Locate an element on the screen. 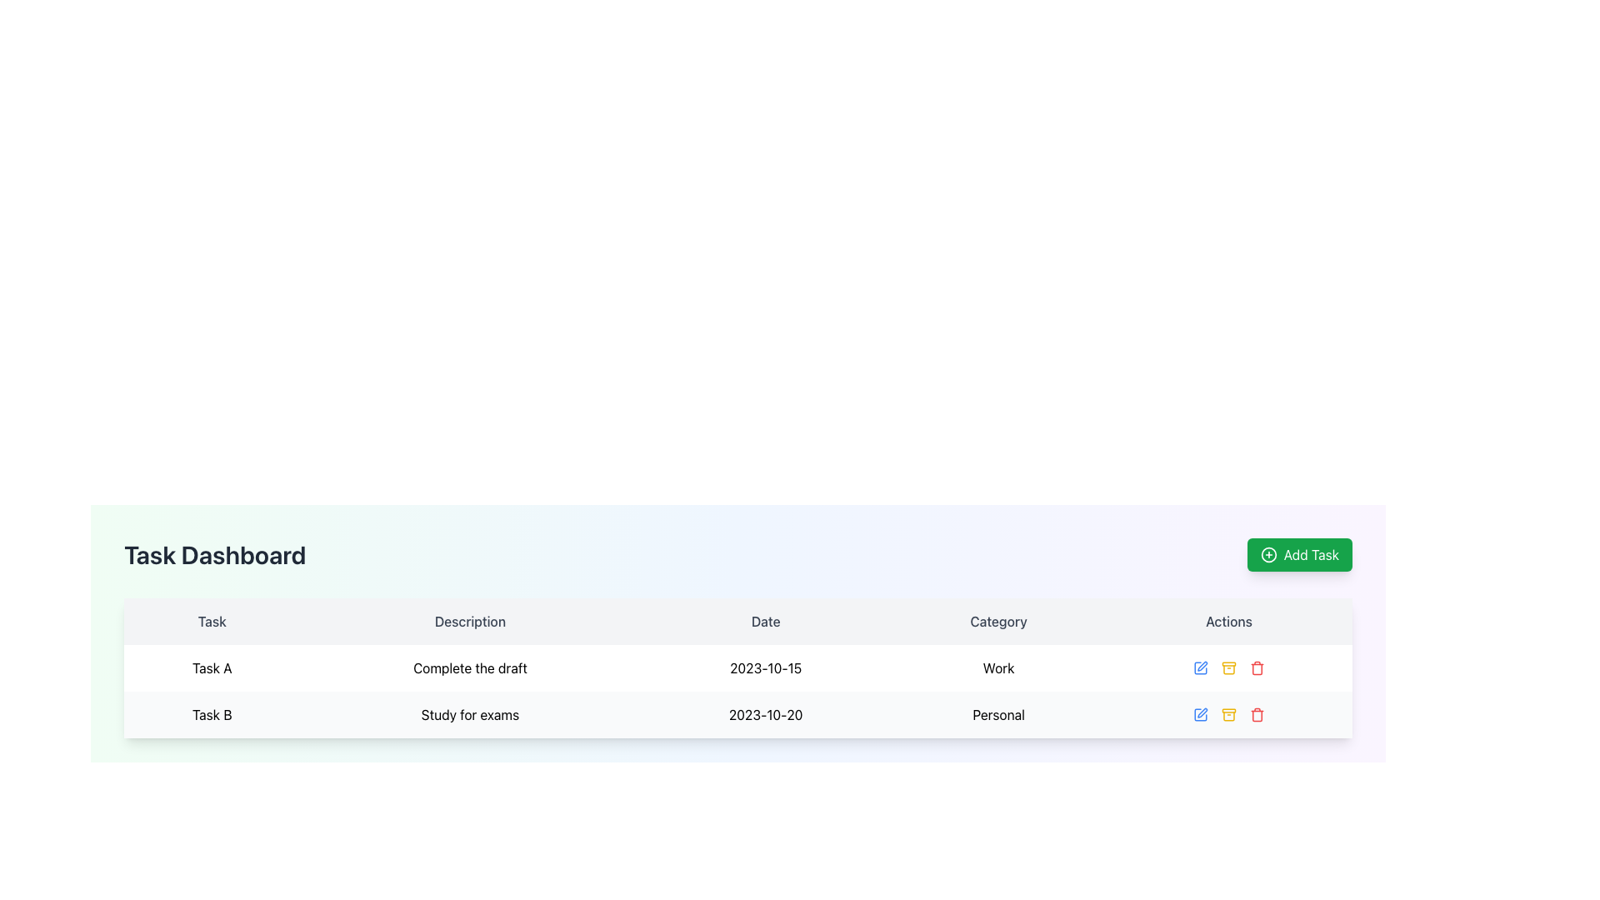  the green 'Add Task' button located at the upper right corner of the 'Task Dashboard' to observe the background color change is located at coordinates (1298, 555).